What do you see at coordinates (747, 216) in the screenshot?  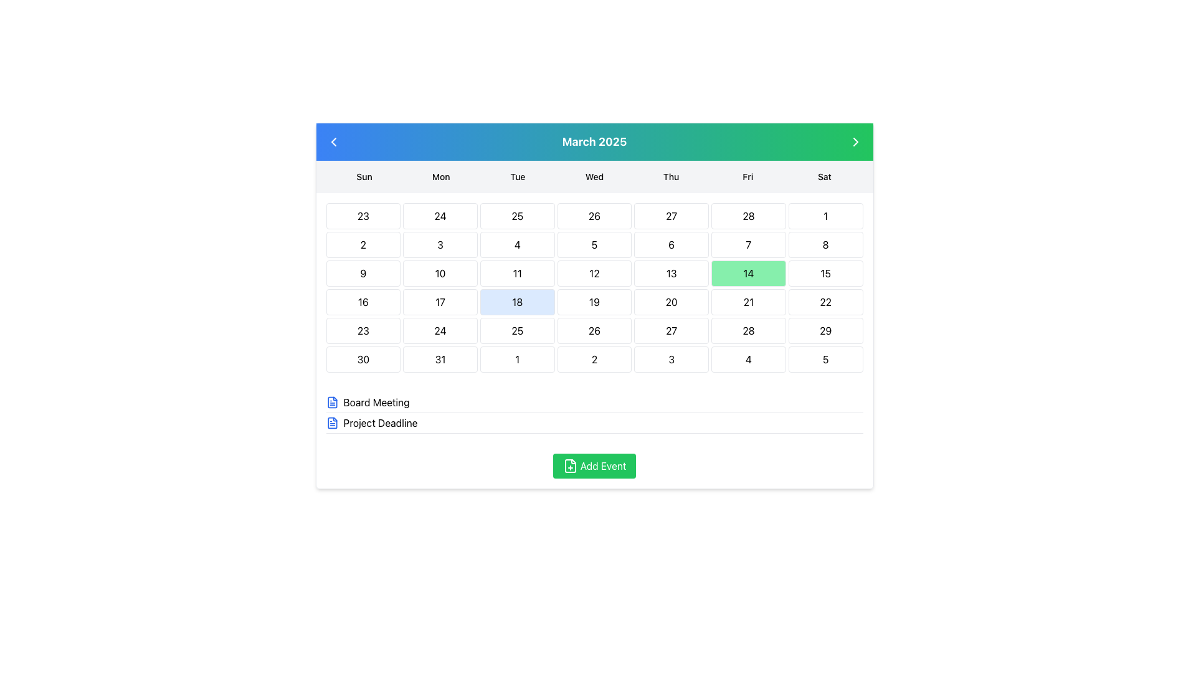 I see `the calendar cell displaying the number '28' located in the sixth column of the first row, under the 'Fri' label` at bounding box center [747, 216].